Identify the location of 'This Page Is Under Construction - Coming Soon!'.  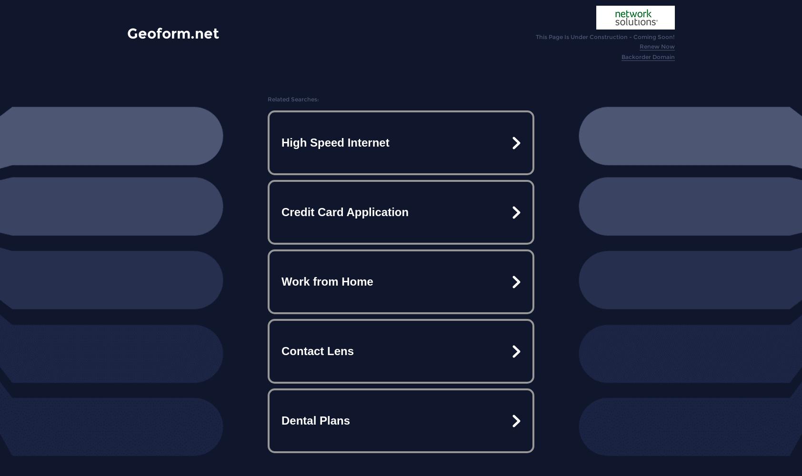
(605, 36).